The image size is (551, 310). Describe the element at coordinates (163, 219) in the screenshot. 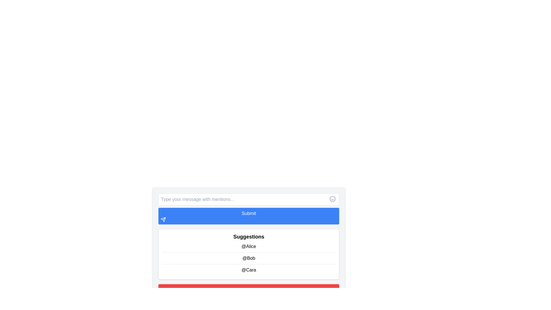

I see `the submit icon located on the blue rectangular button labeled 'Submit', which is centered below a text input field` at that location.